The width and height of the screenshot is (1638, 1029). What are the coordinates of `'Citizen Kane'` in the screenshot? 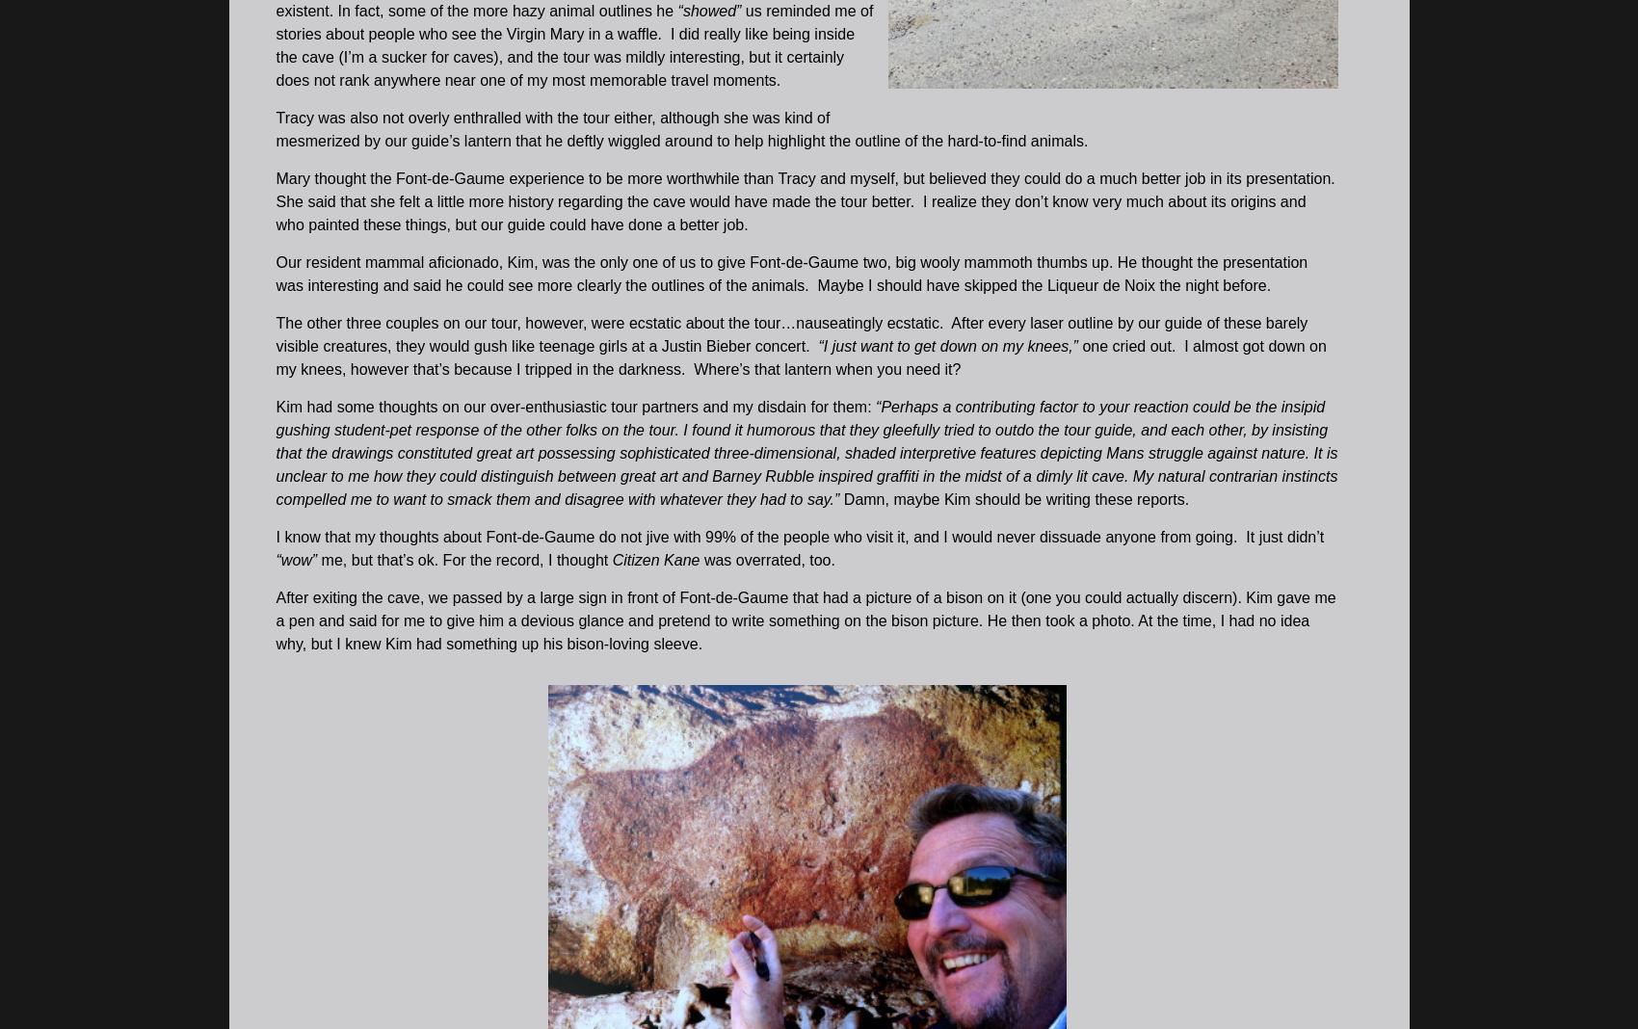 It's located at (653, 558).